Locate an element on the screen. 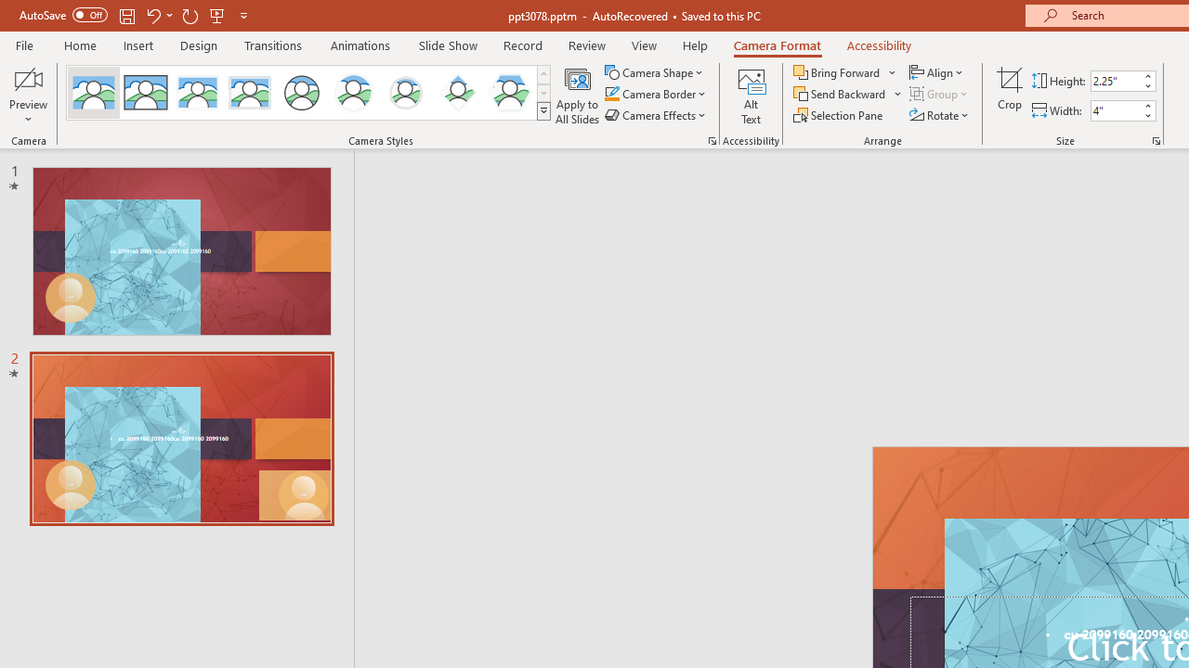 The image size is (1189, 668). 'Soft Edge Rectangle' is located at coordinates (248, 93).